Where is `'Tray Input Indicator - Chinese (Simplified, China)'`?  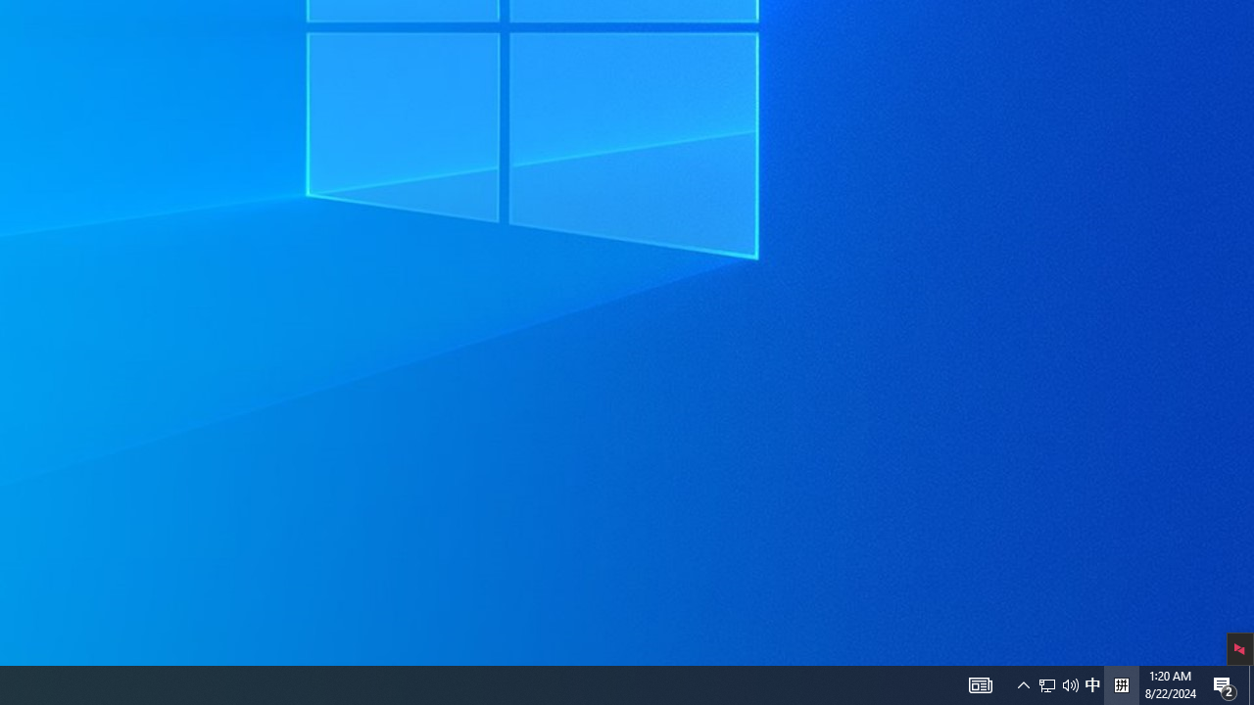
'Tray Input Indicator - Chinese (Simplified, China)' is located at coordinates (1121, 683).